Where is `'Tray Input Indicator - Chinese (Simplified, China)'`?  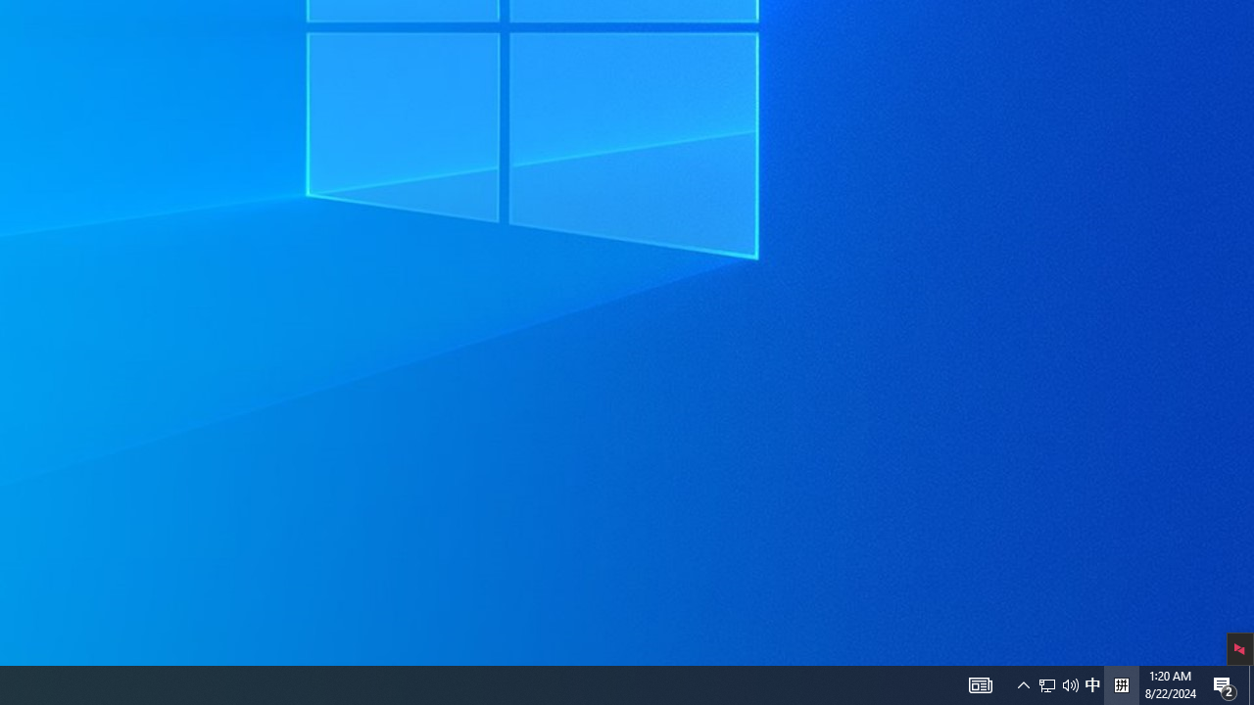
'Tray Input Indicator - Chinese (Simplified, China)' is located at coordinates (1121, 683).